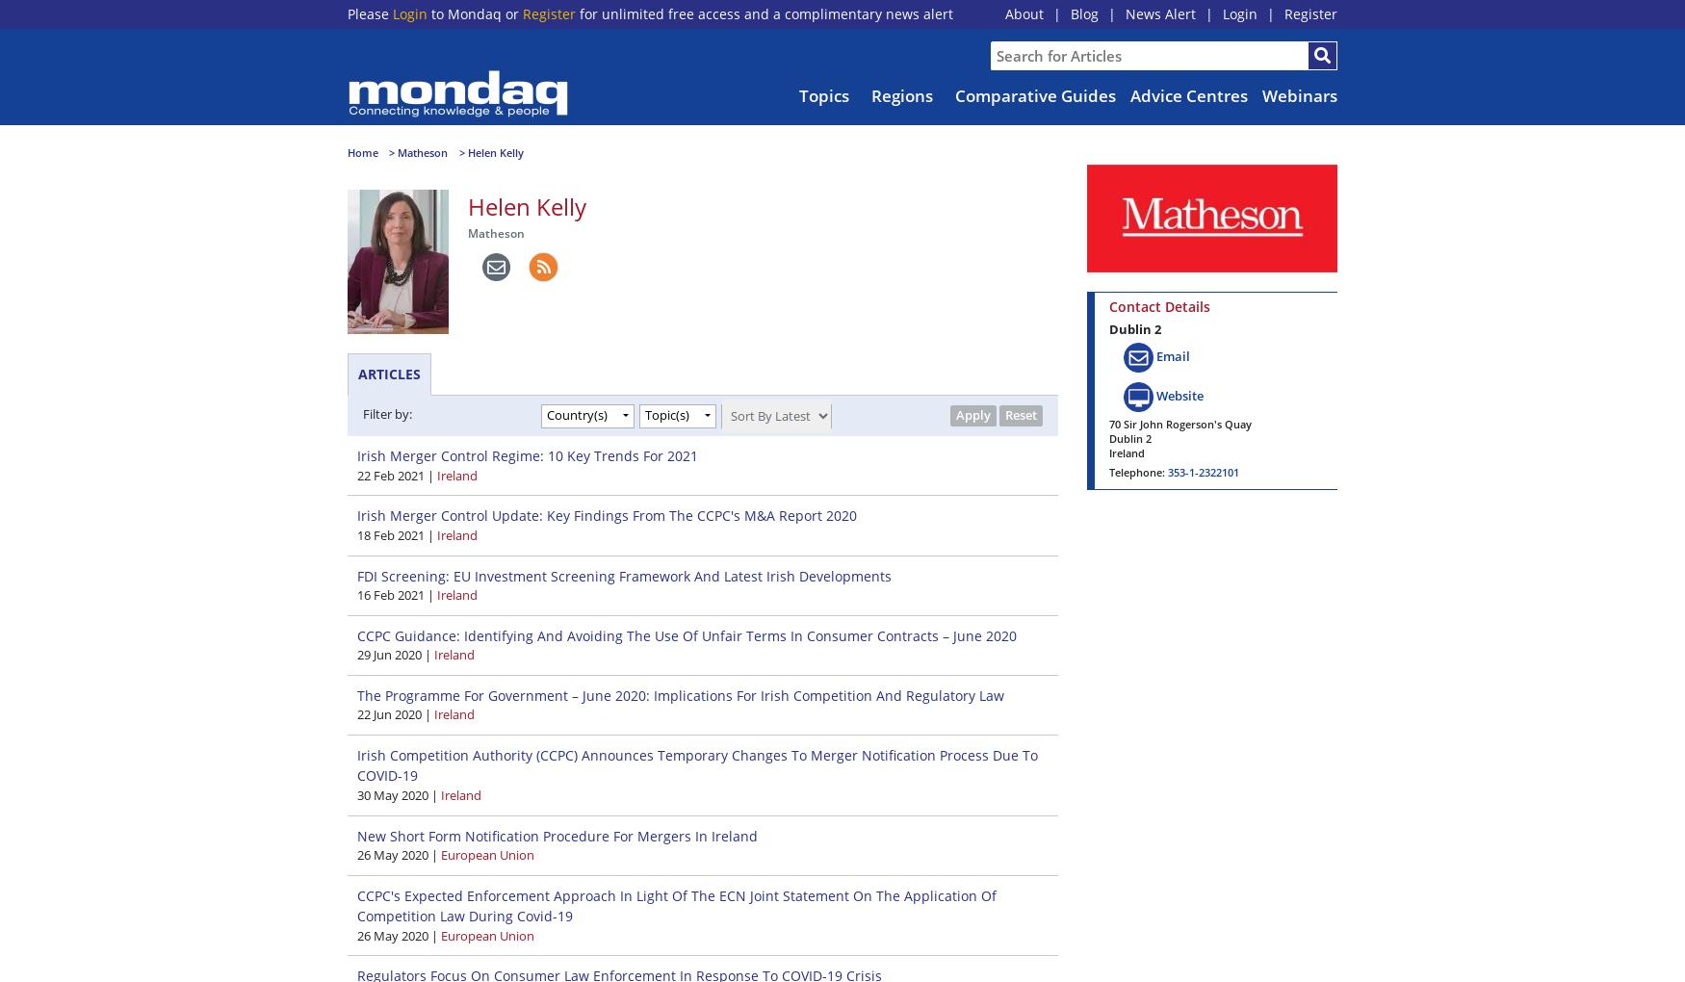 This screenshot has width=1685, height=982. What do you see at coordinates (681, 693) in the screenshot?
I see `'The Programme For Government – June 2020:  Implications For Irish Competition And Regulatory Law'` at bounding box center [681, 693].